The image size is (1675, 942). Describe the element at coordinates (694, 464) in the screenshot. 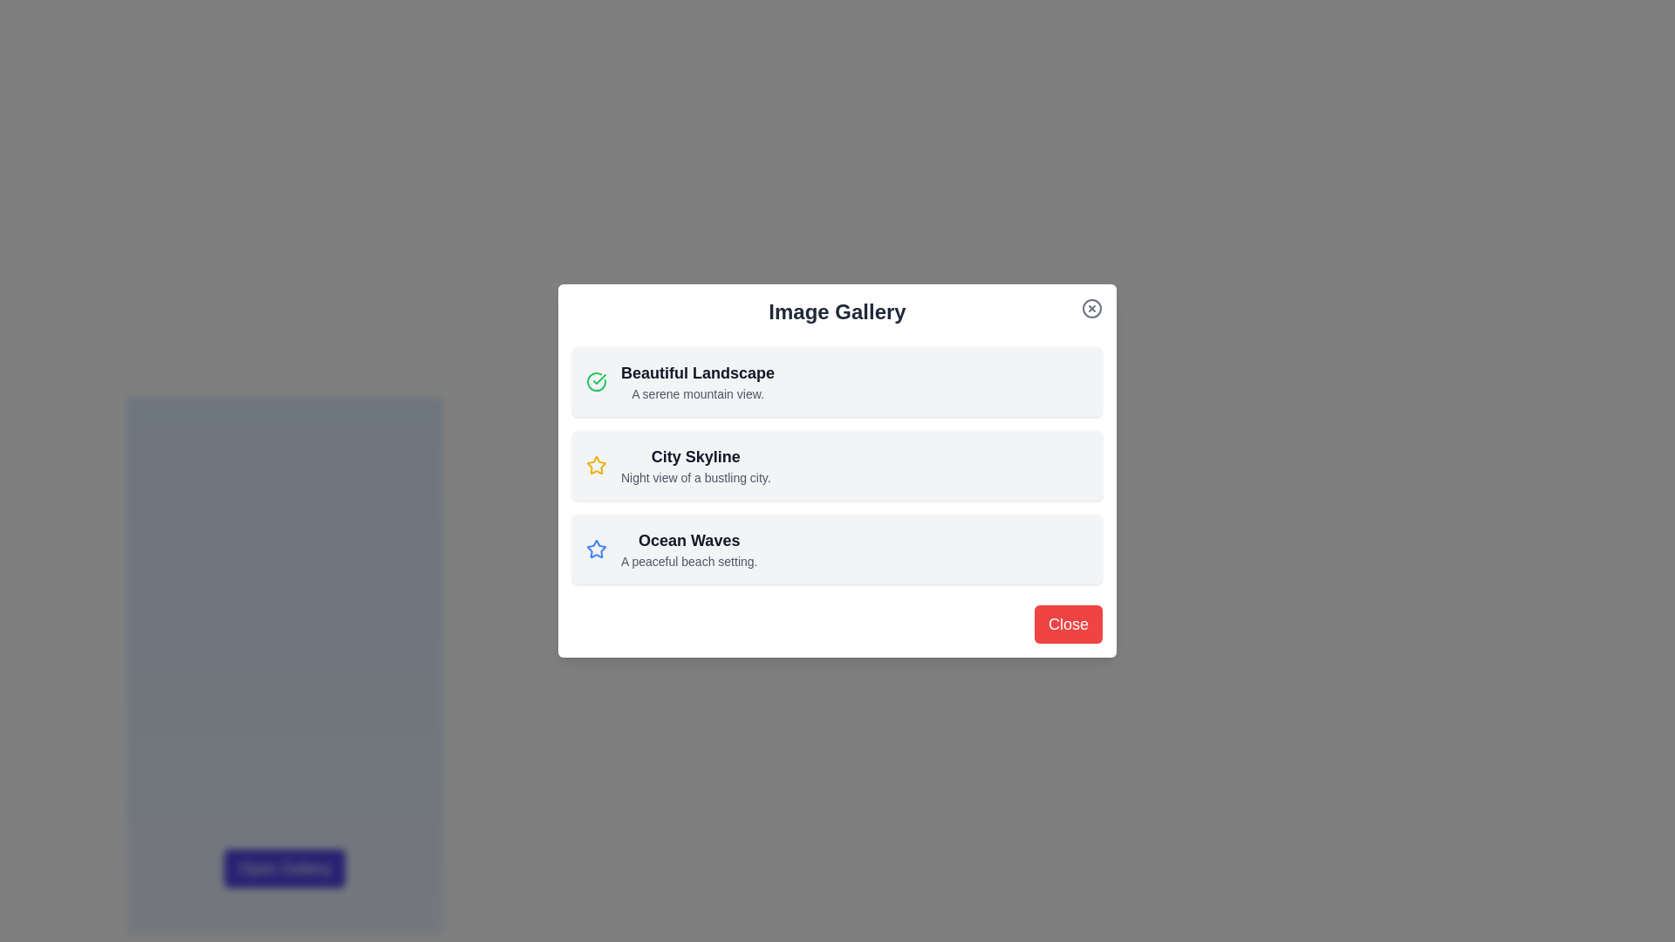

I see `the second item in the vertical list within the 'Image Gallery' modal dialog, which represents a selectable option about a city skyline view` at that location.